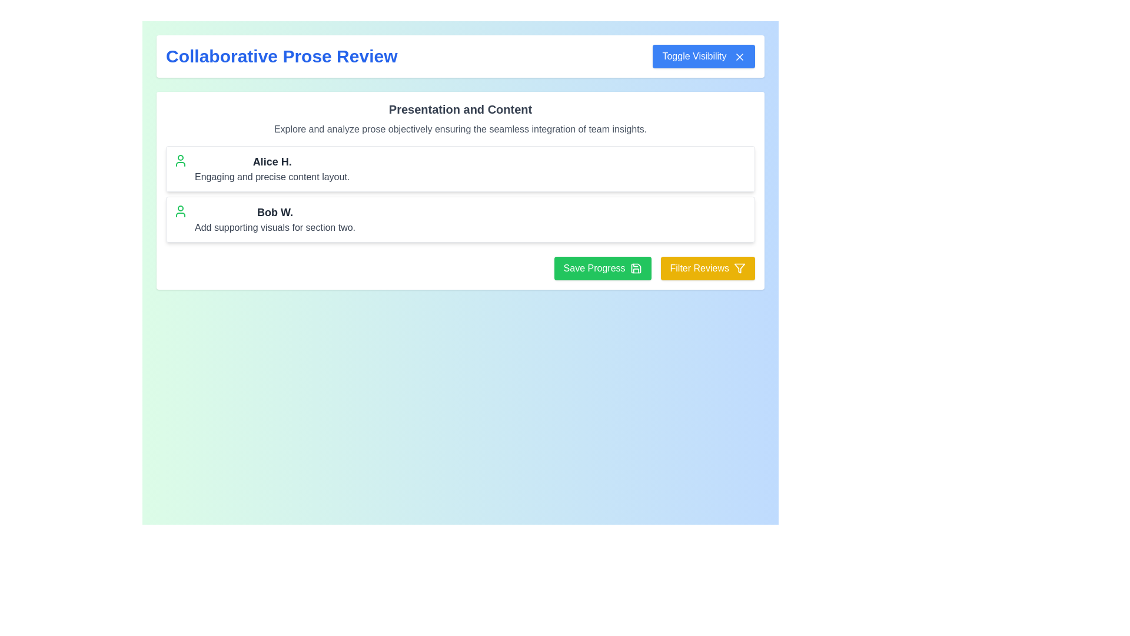 This screenshot has height=636, width=1130. Describe the element at coordinates (704, 57) in the screenshot. I see `the 'Toggle Visibility' button with a blue background and white text located in the header section of the page` at that location.